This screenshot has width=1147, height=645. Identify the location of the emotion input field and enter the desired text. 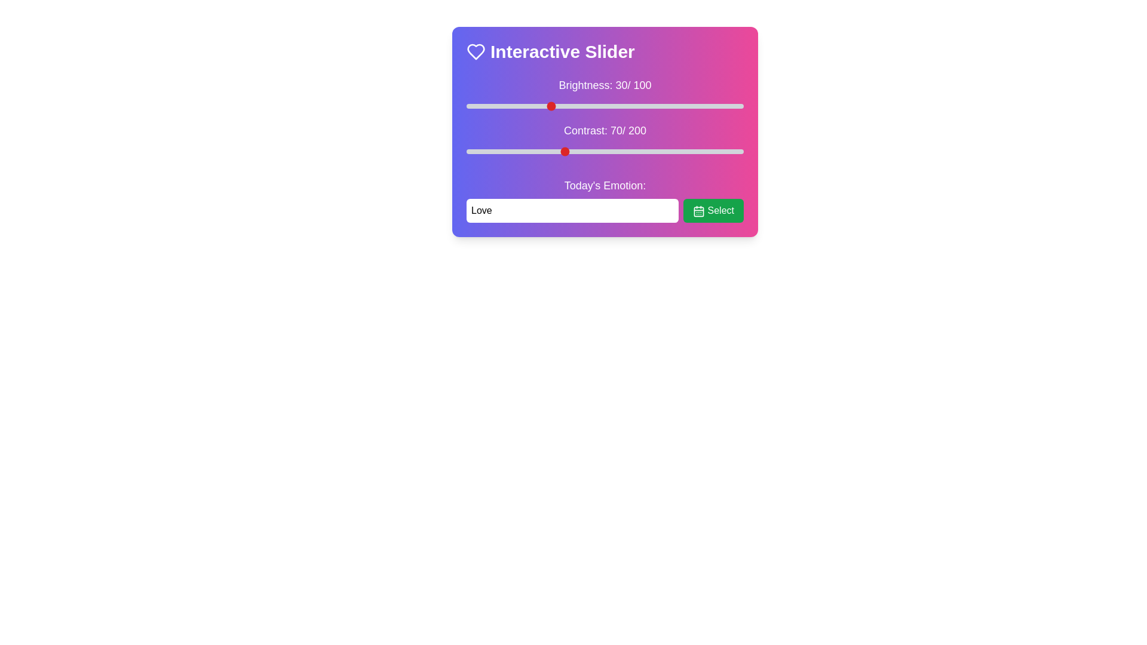
(572, 210).